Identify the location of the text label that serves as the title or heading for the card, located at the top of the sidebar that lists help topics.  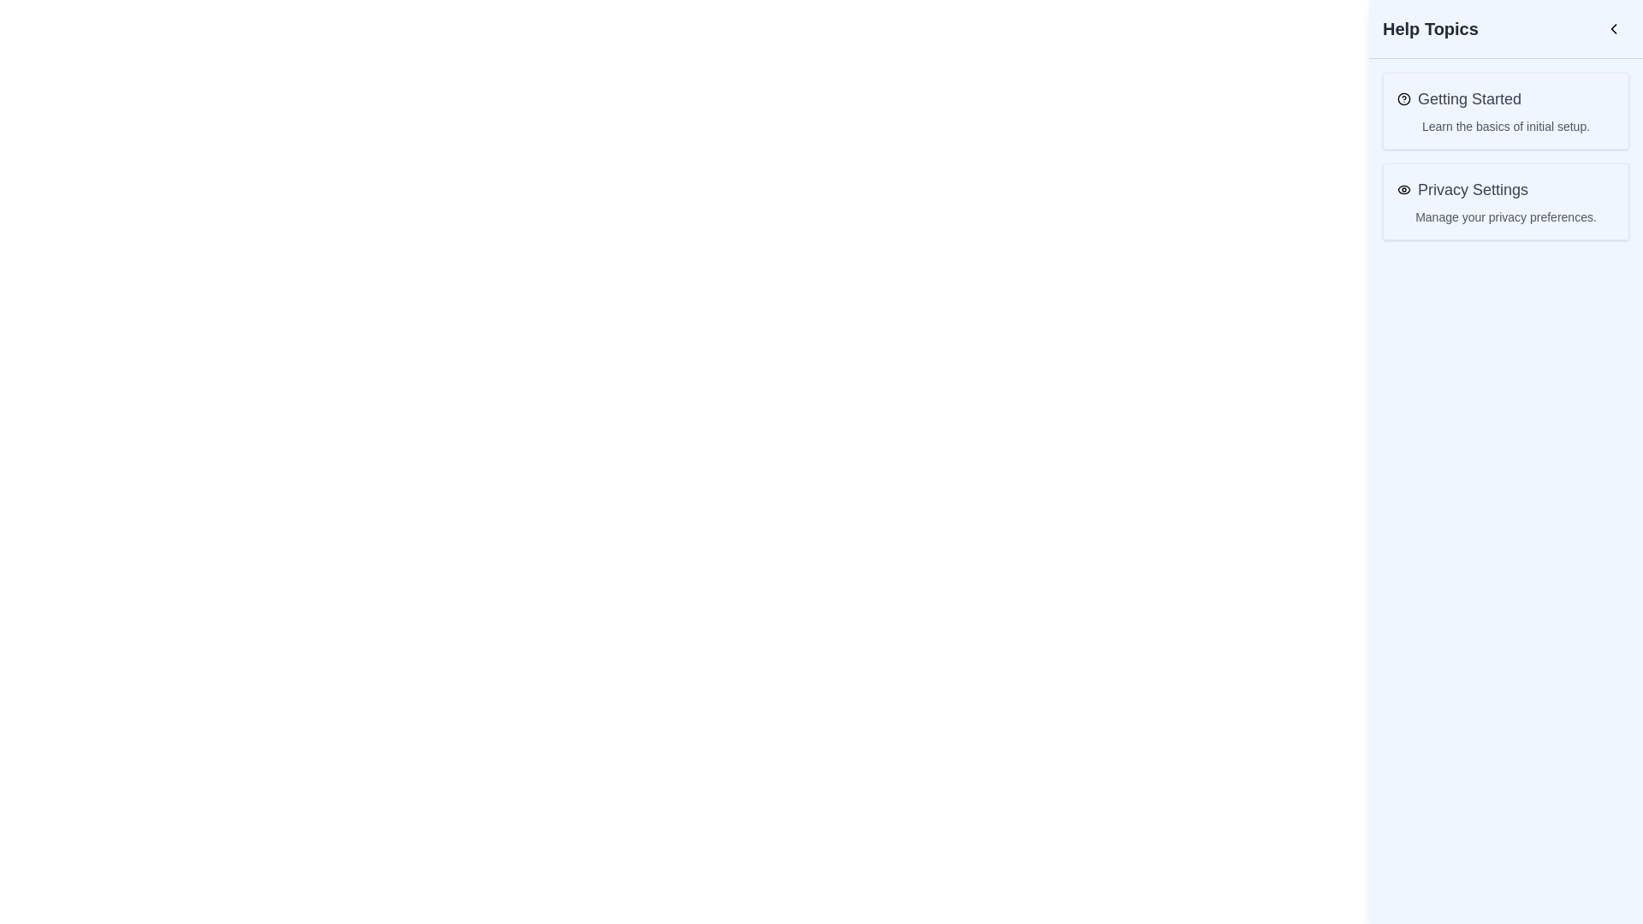
(1468, 98).